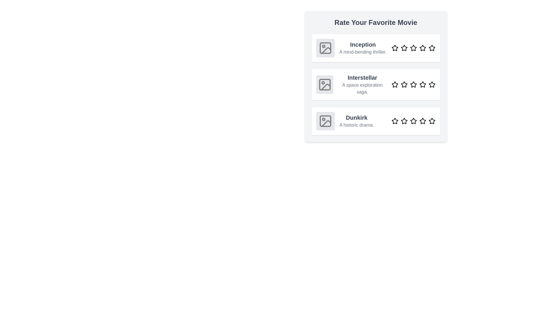 The image size is (556, 313). I want to click on the gray square image placeholder with rounded corners that contains an icon resembling a picture frame, located to the left of the text 'Dunkirk' and 'A historic drama.', so click(325, 121).